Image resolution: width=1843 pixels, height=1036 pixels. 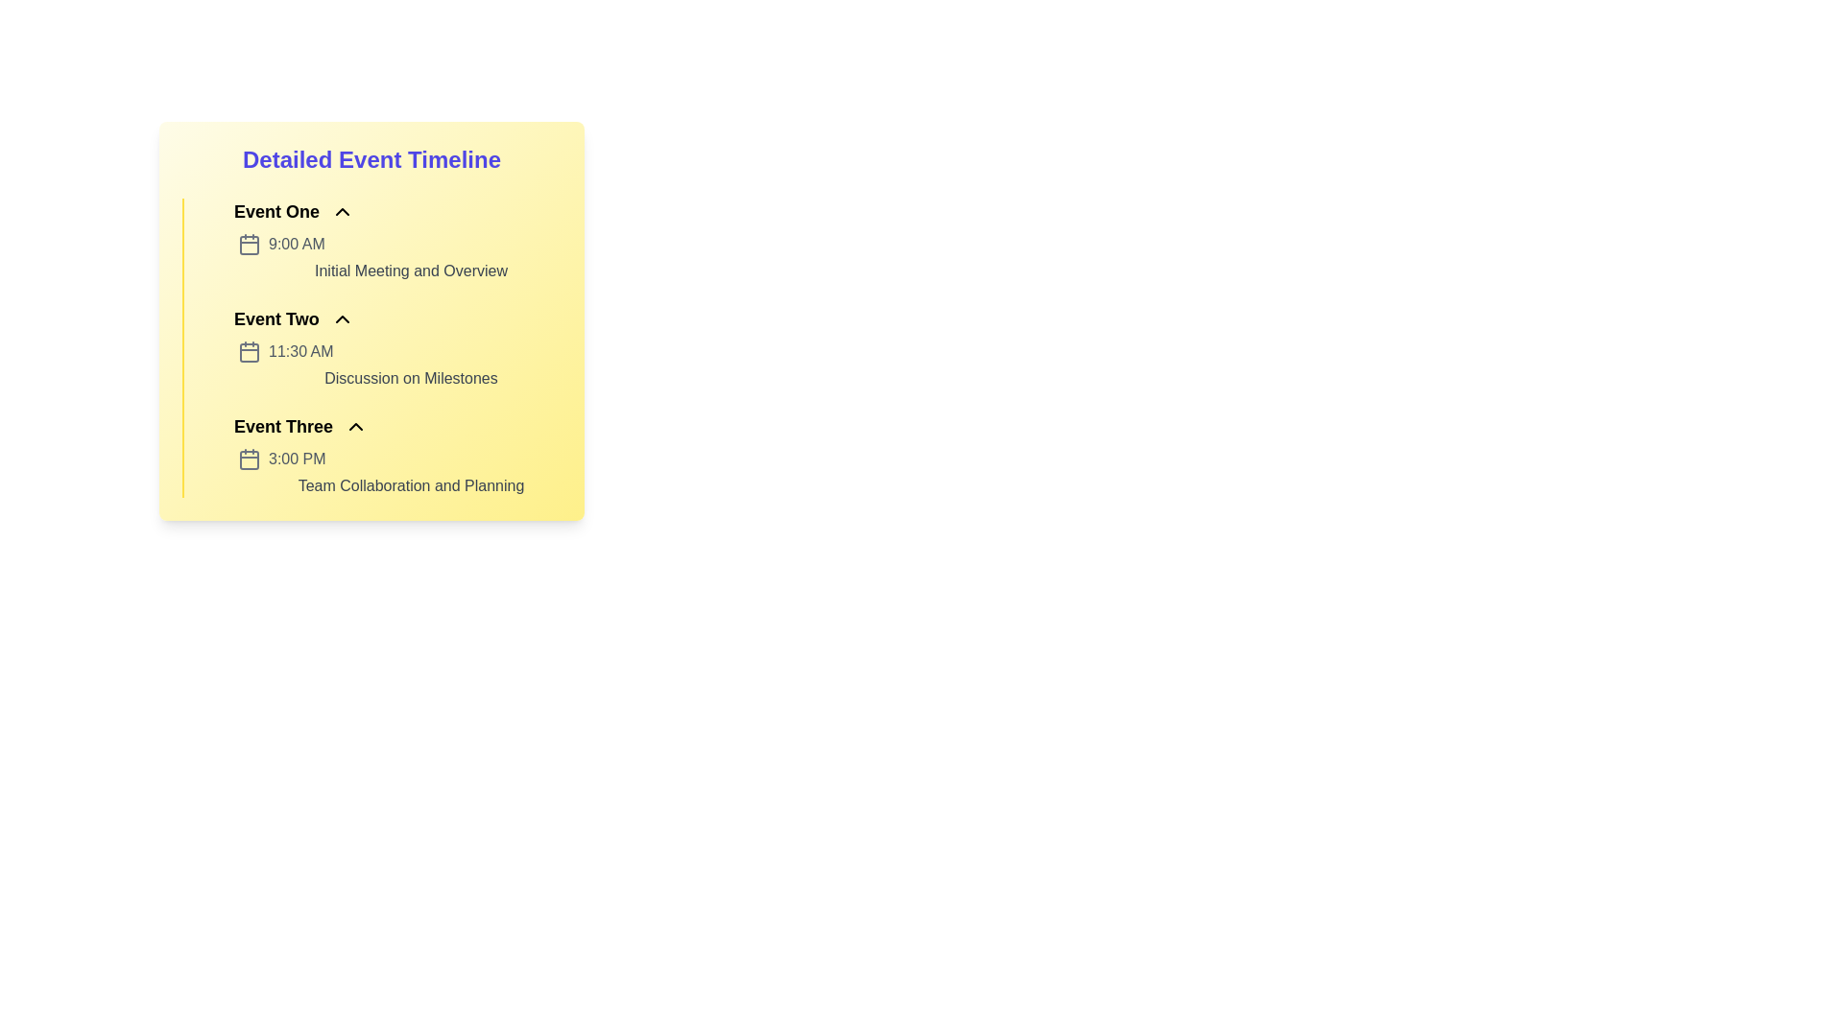 I want to click on the chevron icon next to 'Event Three' in the 'Detailed Event Timeline' section, so click(x=356, y=425).